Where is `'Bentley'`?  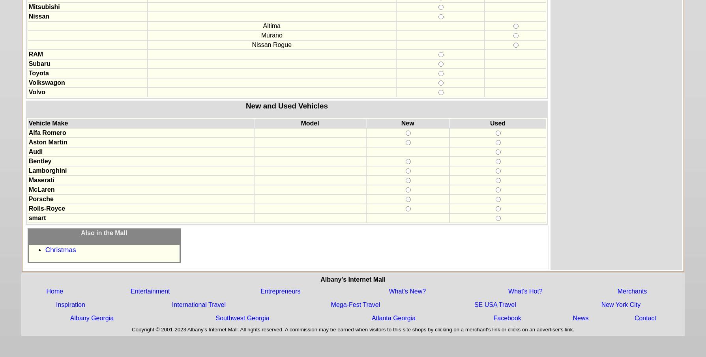 'Bentley' is located at coordinates (28, 161).